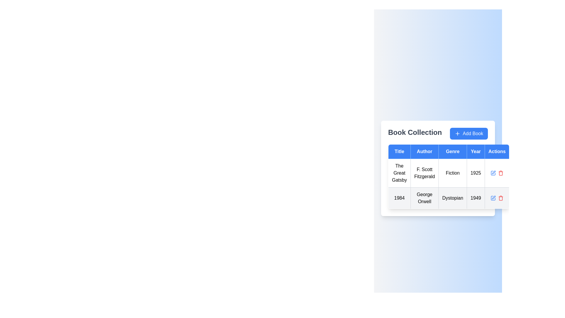 The height and width of the screenshot is (318, 565). I want to click on the text display element that shows the publication year of a book, located in the fourth column labeled 'Year' of the first row in the 'Book Collection' table, so click(476, 173).